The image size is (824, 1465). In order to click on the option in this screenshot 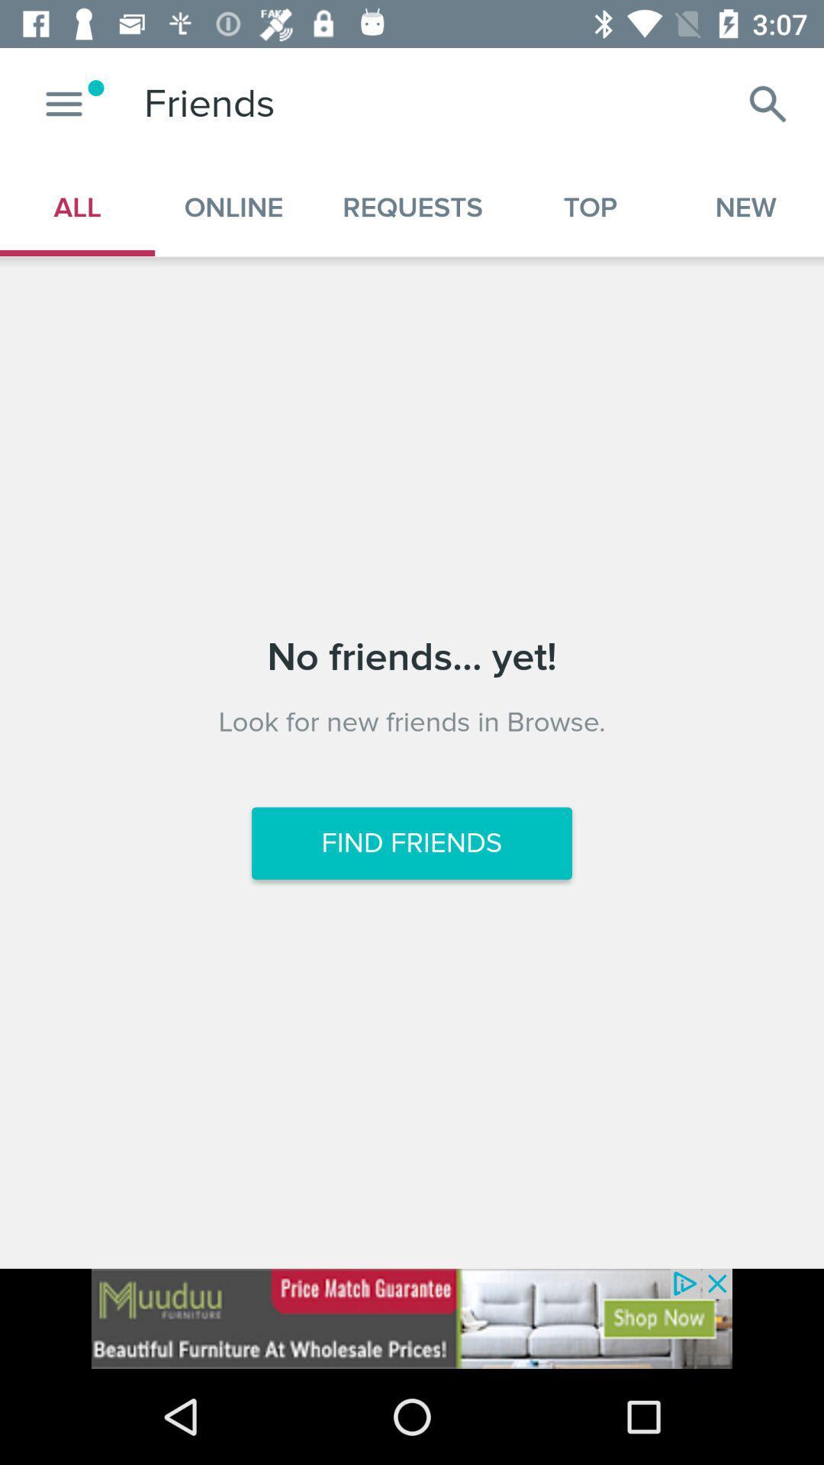, I will do `click(412, 1318)`.